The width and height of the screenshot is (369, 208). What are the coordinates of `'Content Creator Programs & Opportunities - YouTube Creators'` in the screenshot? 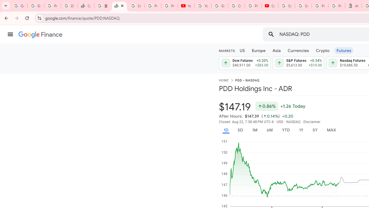 It's located at (270, 6).